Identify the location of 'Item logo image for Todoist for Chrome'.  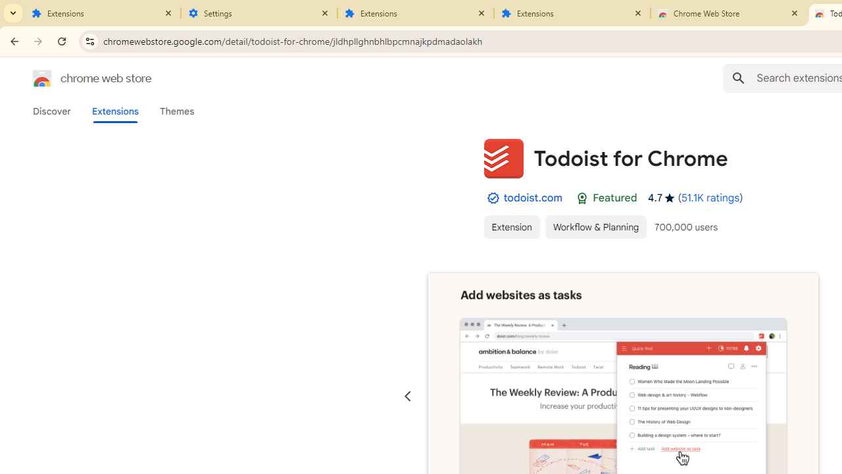
(503, 157).